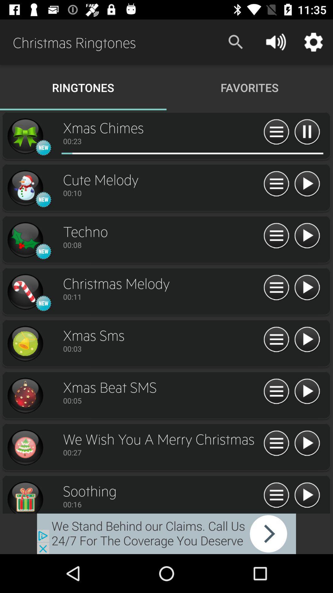 The height and width of the screenshot is (593, 333). I want to click on open menu, so click(276, 236).